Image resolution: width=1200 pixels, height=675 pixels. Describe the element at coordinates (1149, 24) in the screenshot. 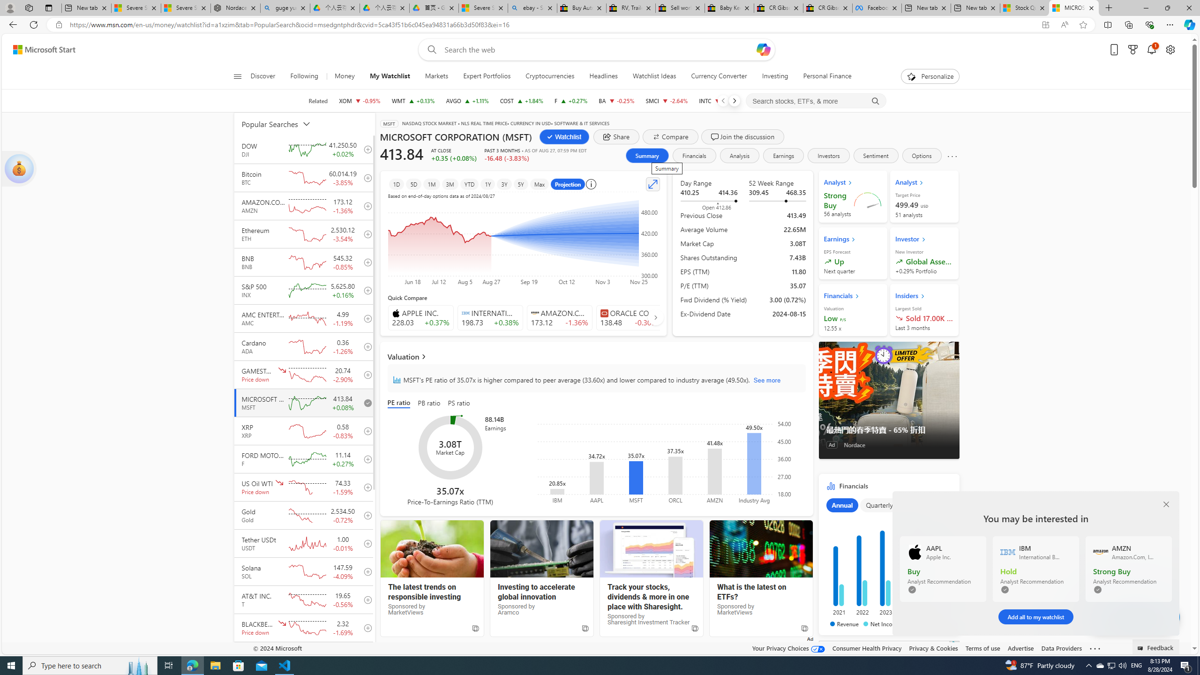

I see `'Browser essentials'` at that location.